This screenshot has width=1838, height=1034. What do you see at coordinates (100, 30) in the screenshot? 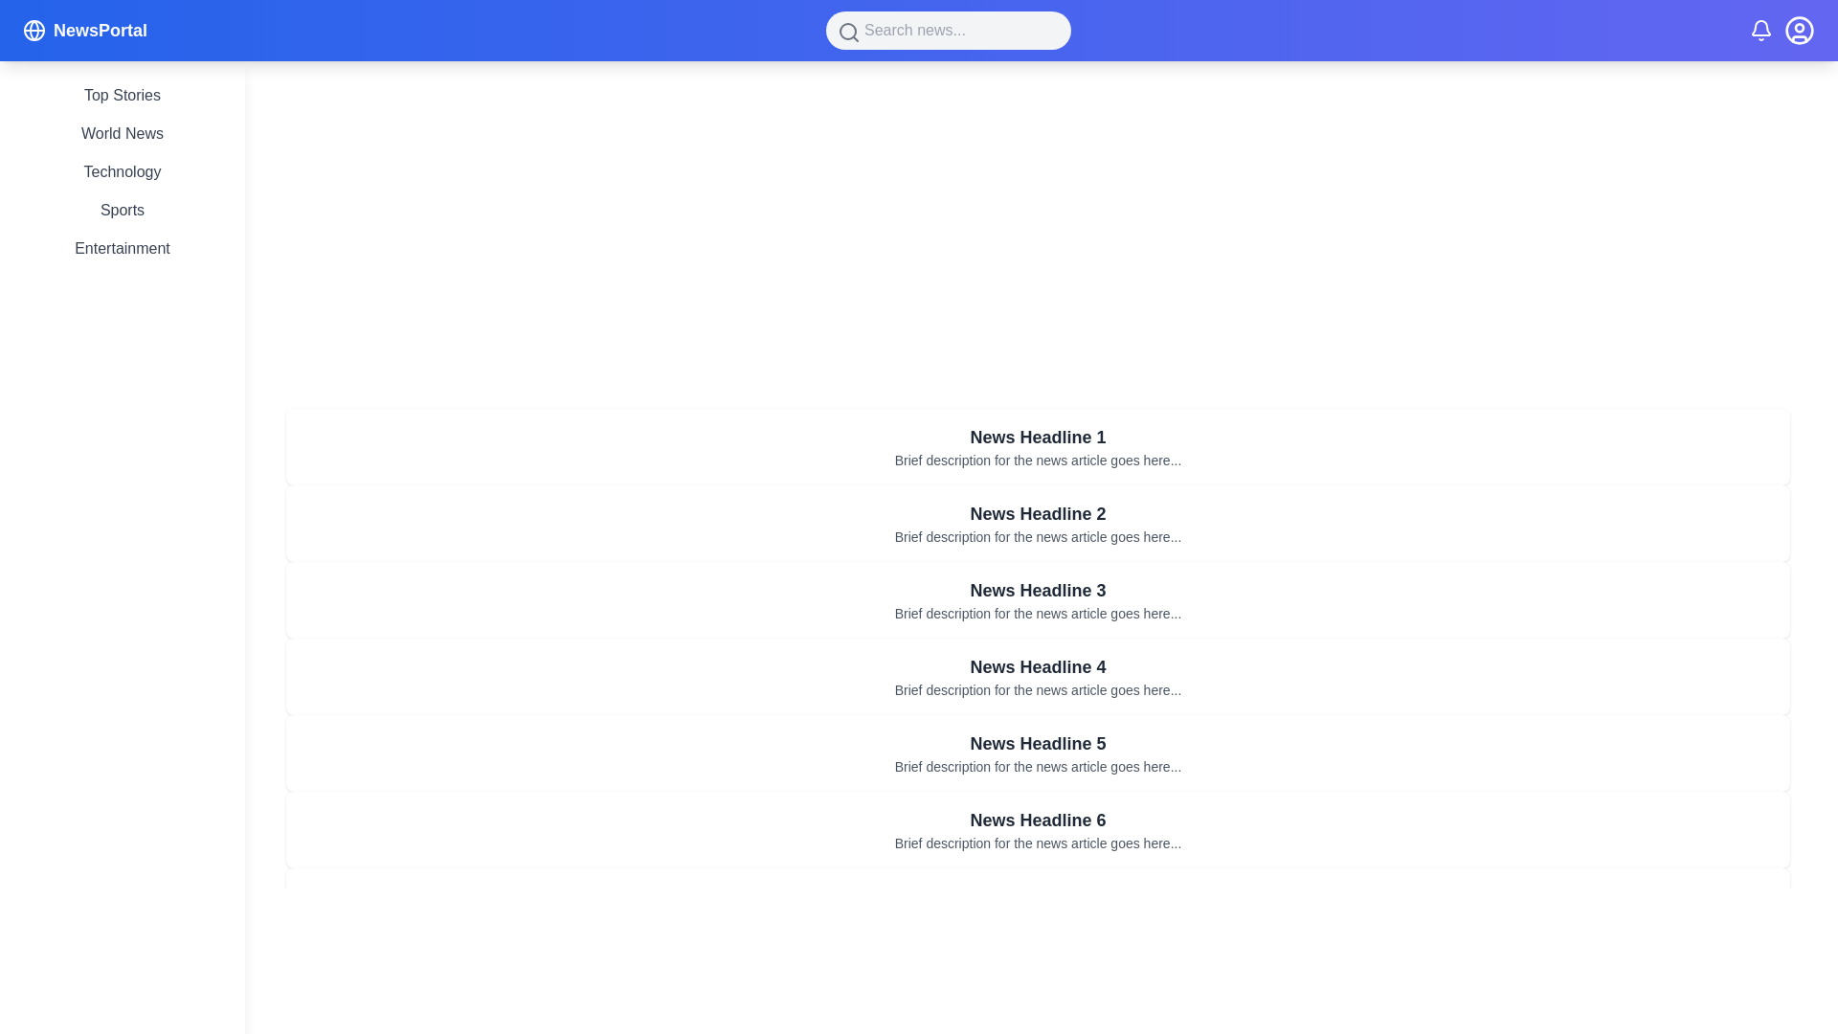
I see `the 'NewsPortal' bold text in large white font located on the left side of the header` at bounding box center [100, 30].